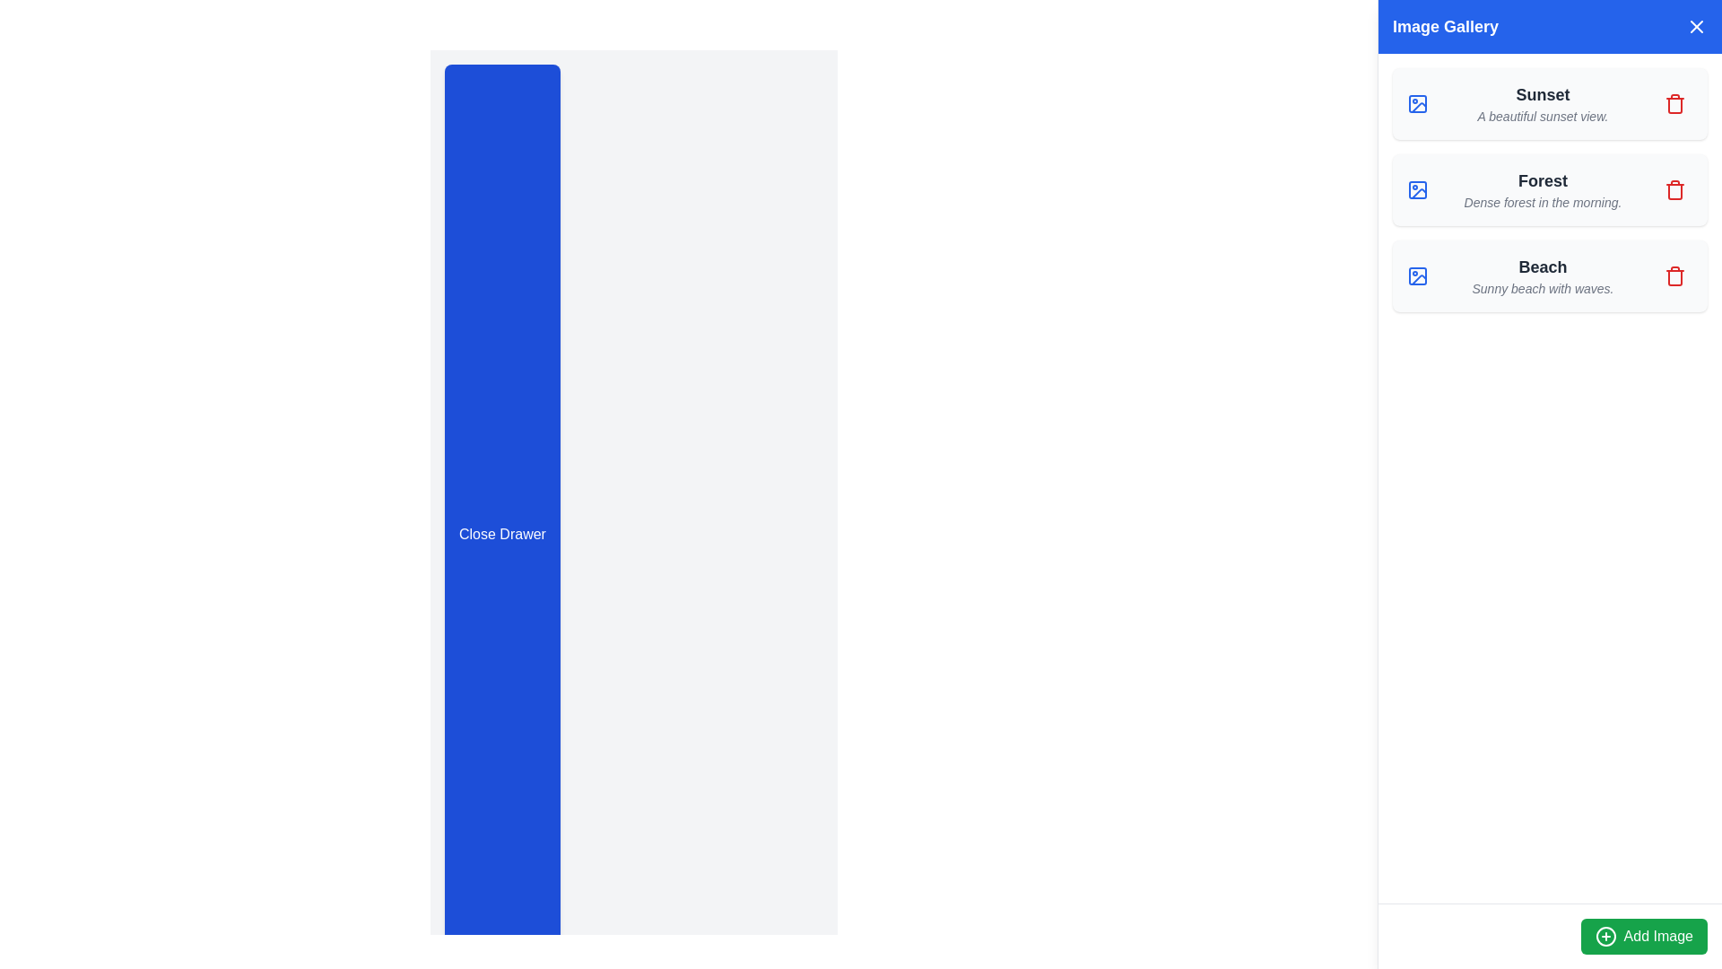 This screenshot has width=1722, height=969. I want to click on the descriptive subtext text element located under the title 'Forest' in the second card of the vertical list of entries in the 'Image Gallery', so click(1542, 202).